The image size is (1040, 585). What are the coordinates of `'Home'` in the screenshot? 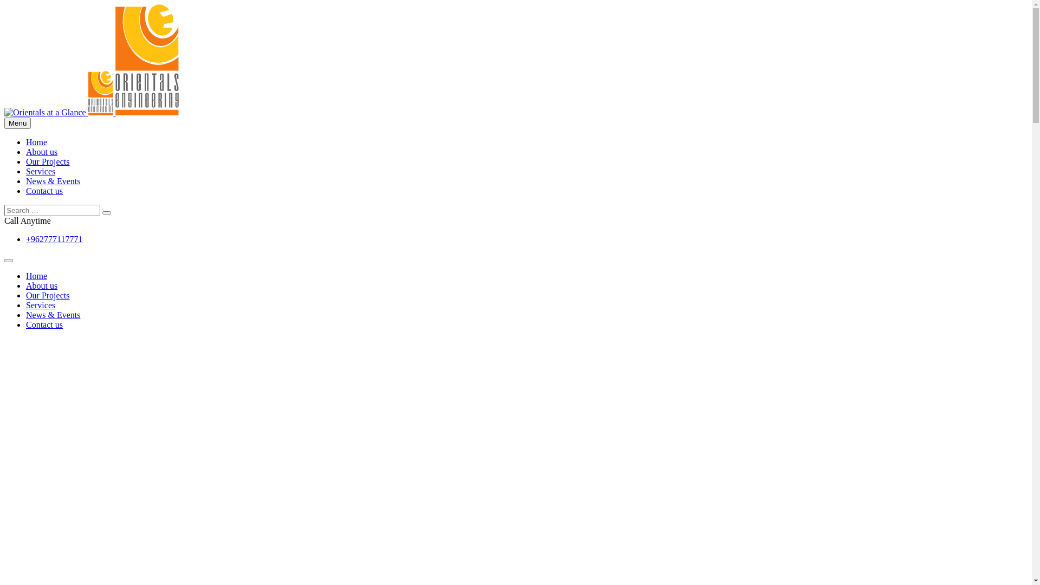 It's located at (36, 275).